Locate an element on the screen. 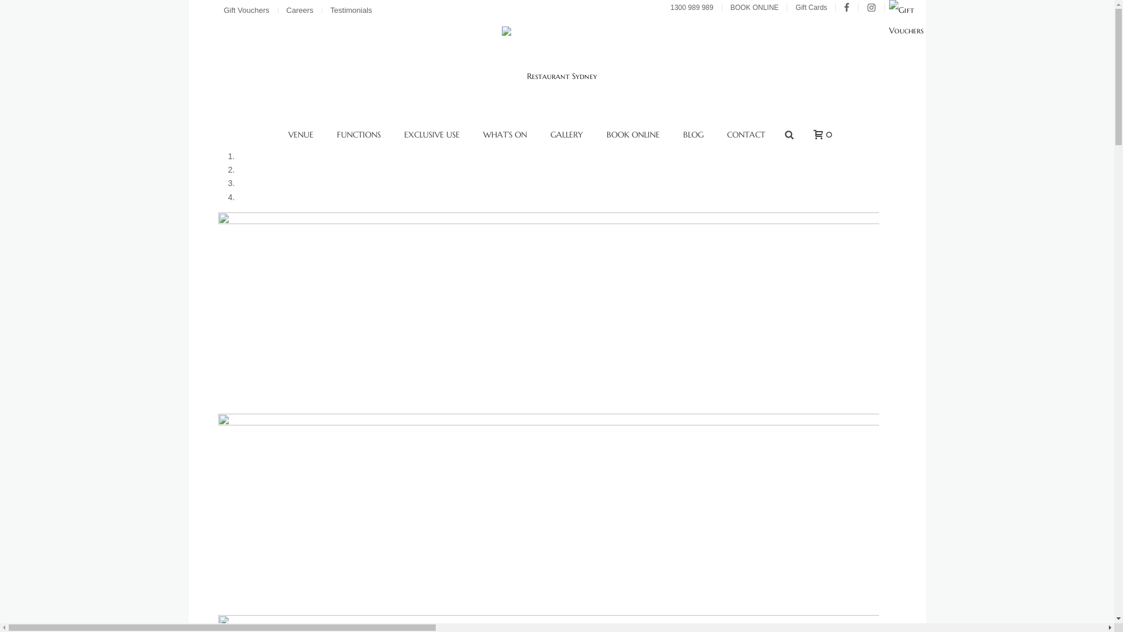  '1300 989 989' is located at coordinates (664, 7).